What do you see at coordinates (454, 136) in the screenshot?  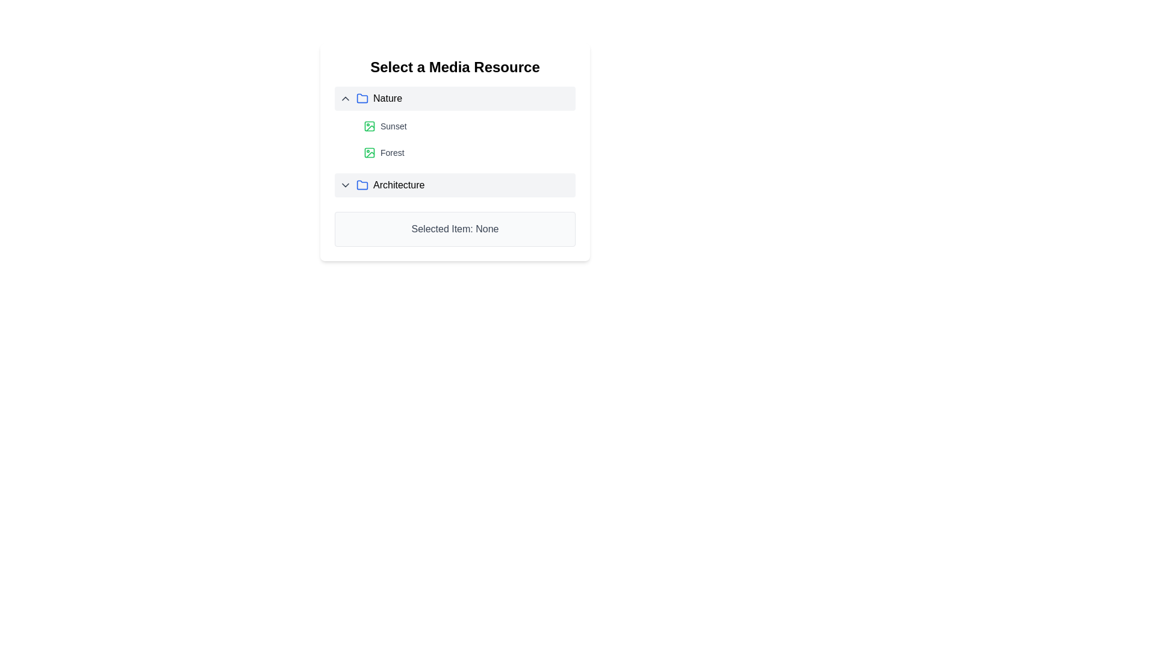 I see `the 'Forest' item in the vertical selection list located within the 'Nature' category` at bounding box center [454, 136].